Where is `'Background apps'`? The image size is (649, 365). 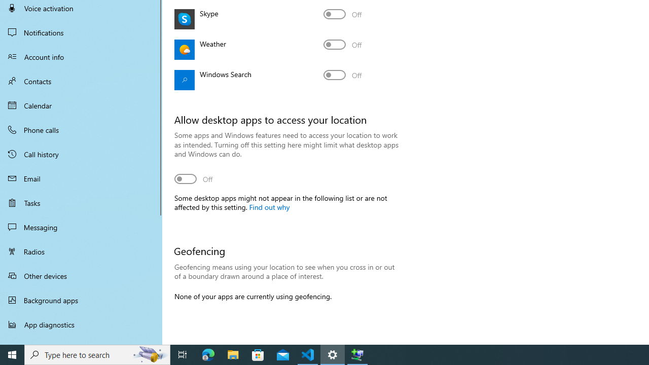
'Background apps' is located at coordinates (81, 300).